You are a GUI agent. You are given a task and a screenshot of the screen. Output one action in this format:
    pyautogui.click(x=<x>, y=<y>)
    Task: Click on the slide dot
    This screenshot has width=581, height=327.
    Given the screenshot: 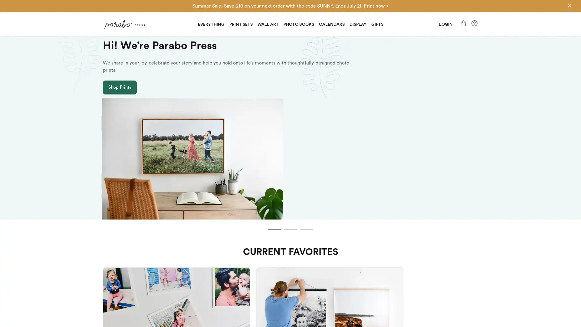 What is the action you would take?
    pyautogui.click(x=290, y=167)
    